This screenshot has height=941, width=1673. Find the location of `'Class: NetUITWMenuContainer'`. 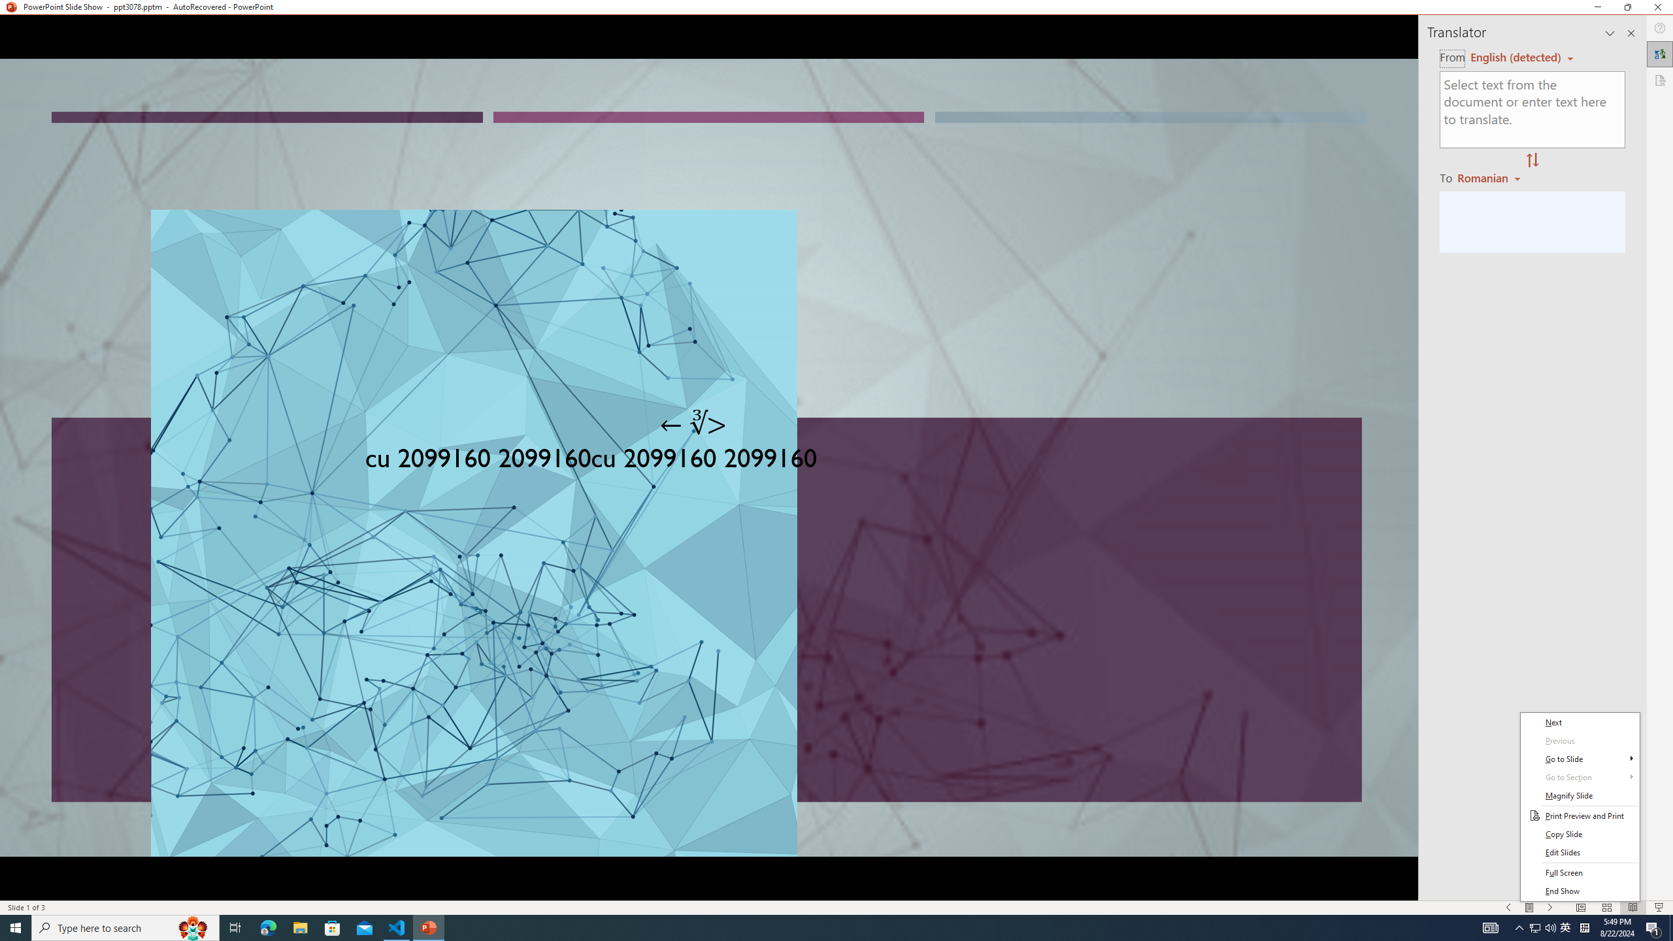

'Class: NetUITWMenuContainer' is located at coordinates (1580, 806).